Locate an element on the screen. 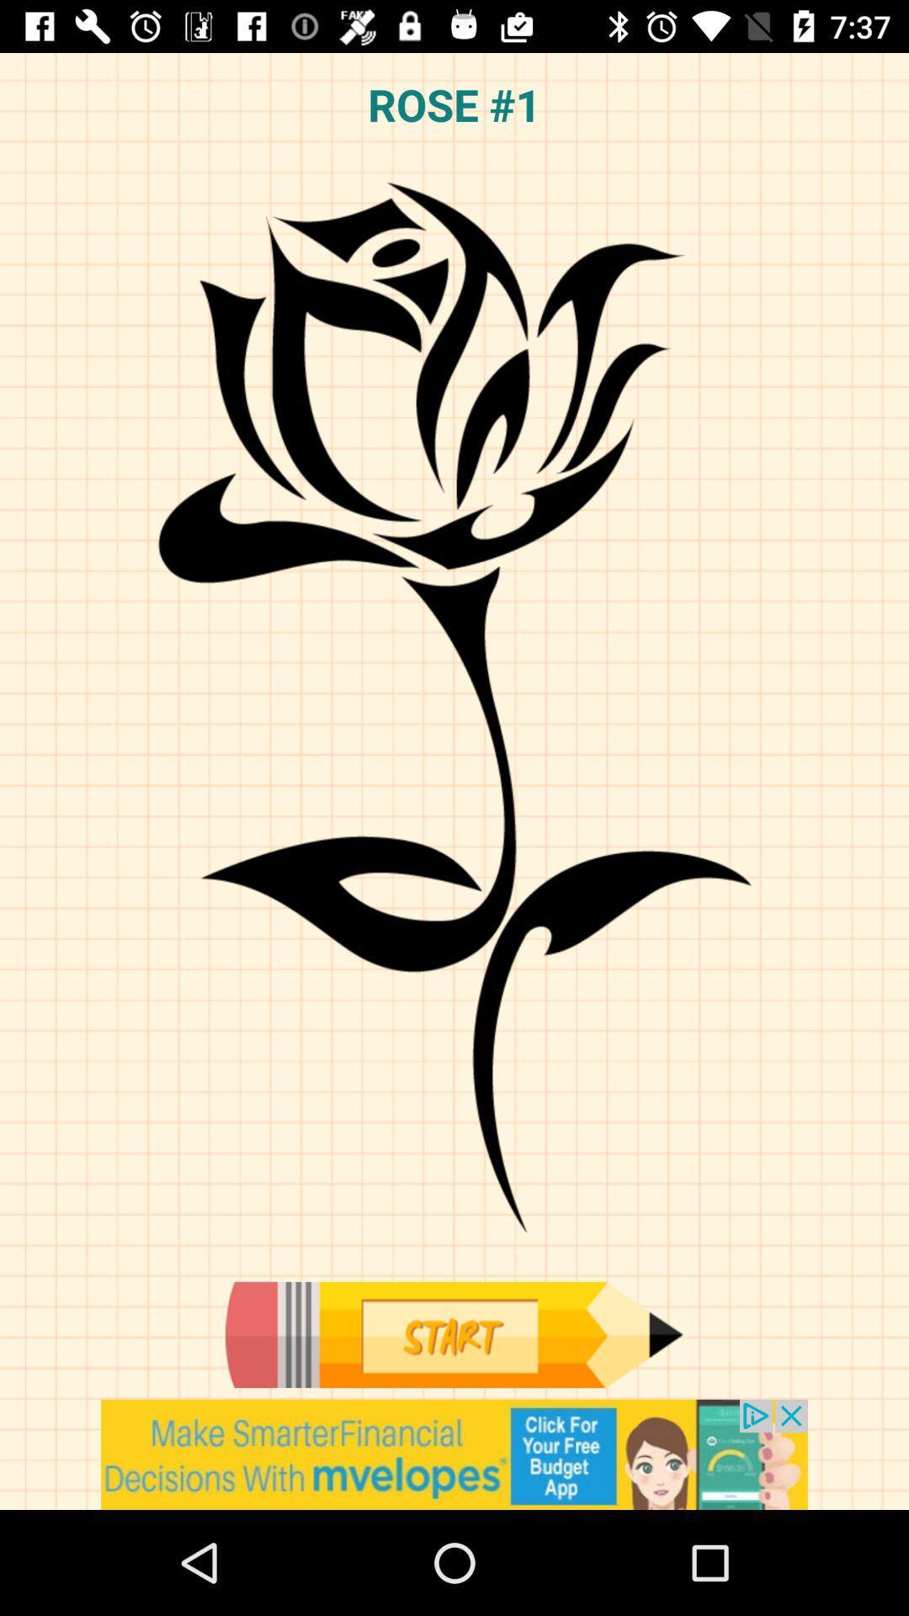  start the process is located at coordinates (453, 1334).